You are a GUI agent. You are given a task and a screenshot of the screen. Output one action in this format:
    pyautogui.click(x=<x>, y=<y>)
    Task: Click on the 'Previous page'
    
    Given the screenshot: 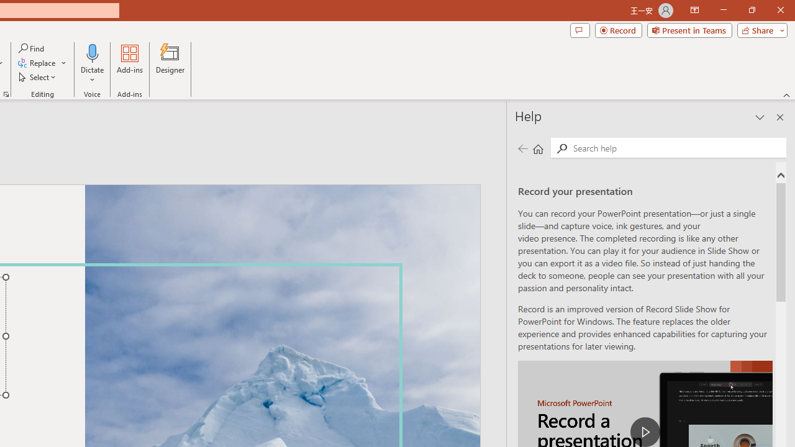 What is the action you would take?
    pyautogui.click(x=522, y=148)
    